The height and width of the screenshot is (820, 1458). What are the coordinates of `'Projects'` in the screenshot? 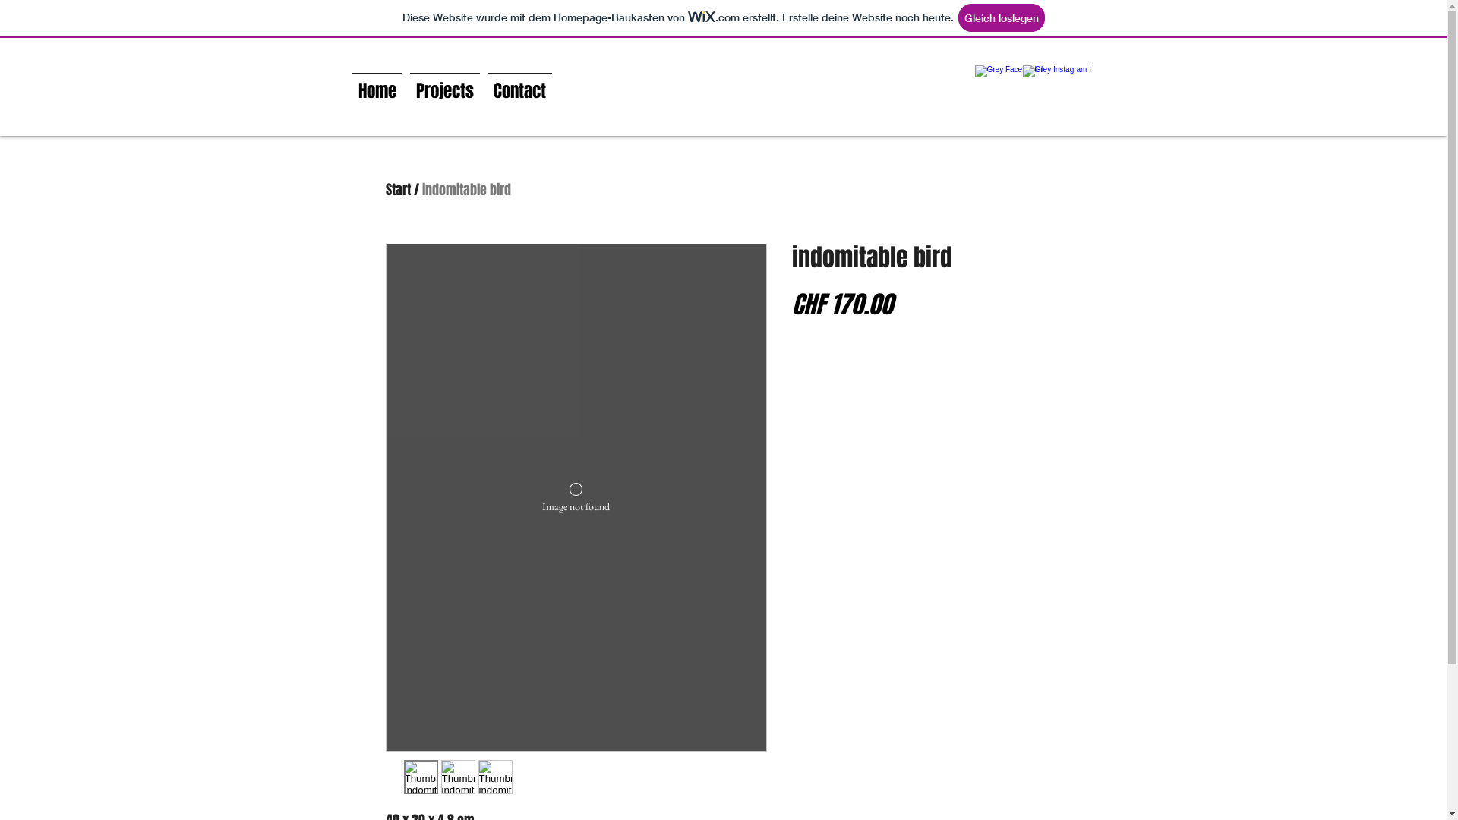 It's located at (443, 84).